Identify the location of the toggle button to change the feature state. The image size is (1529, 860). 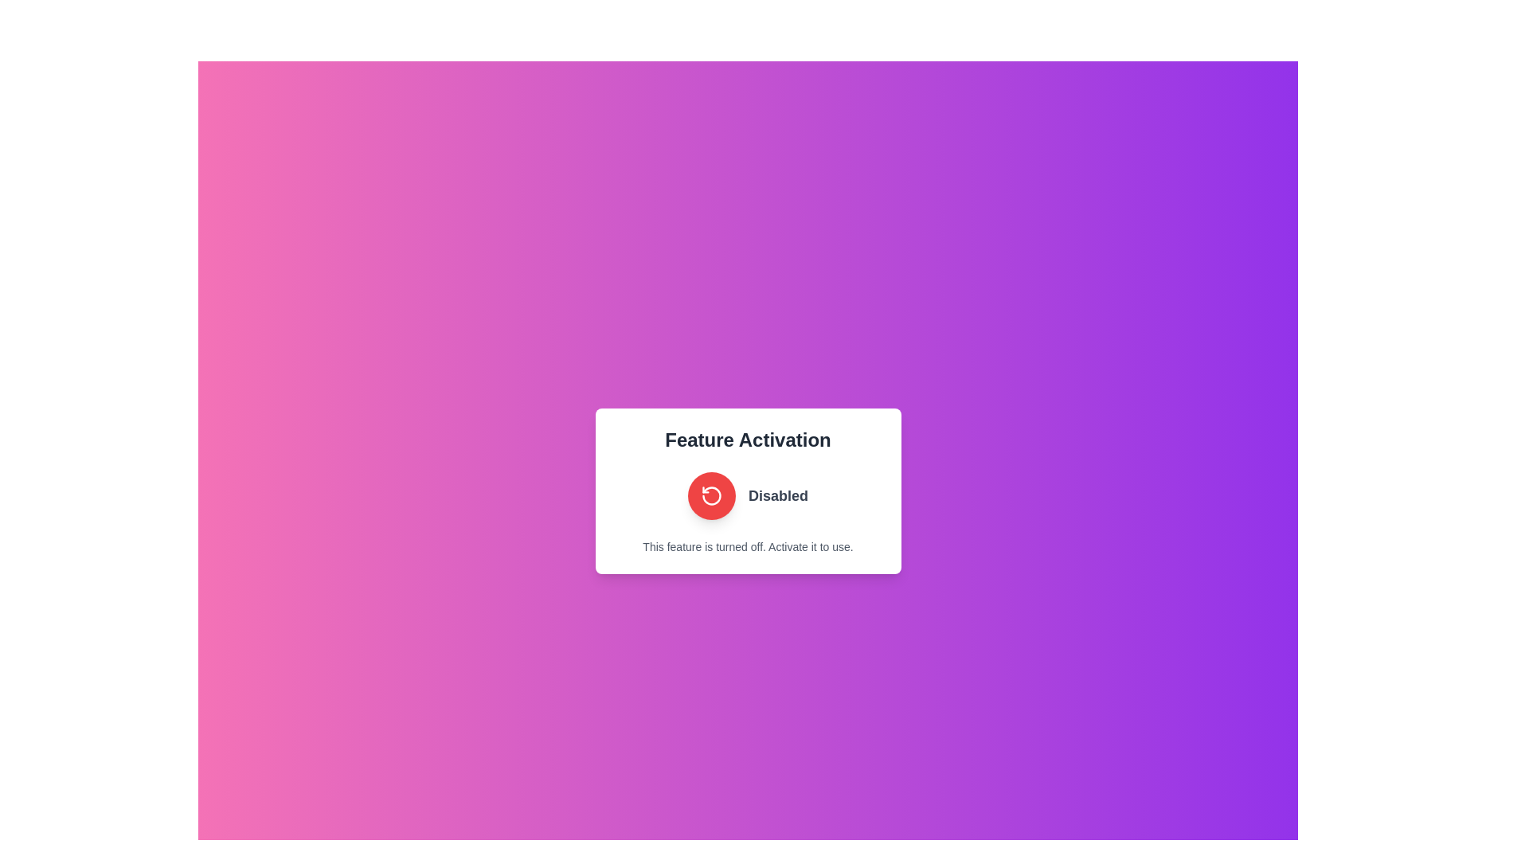
(710, 495).